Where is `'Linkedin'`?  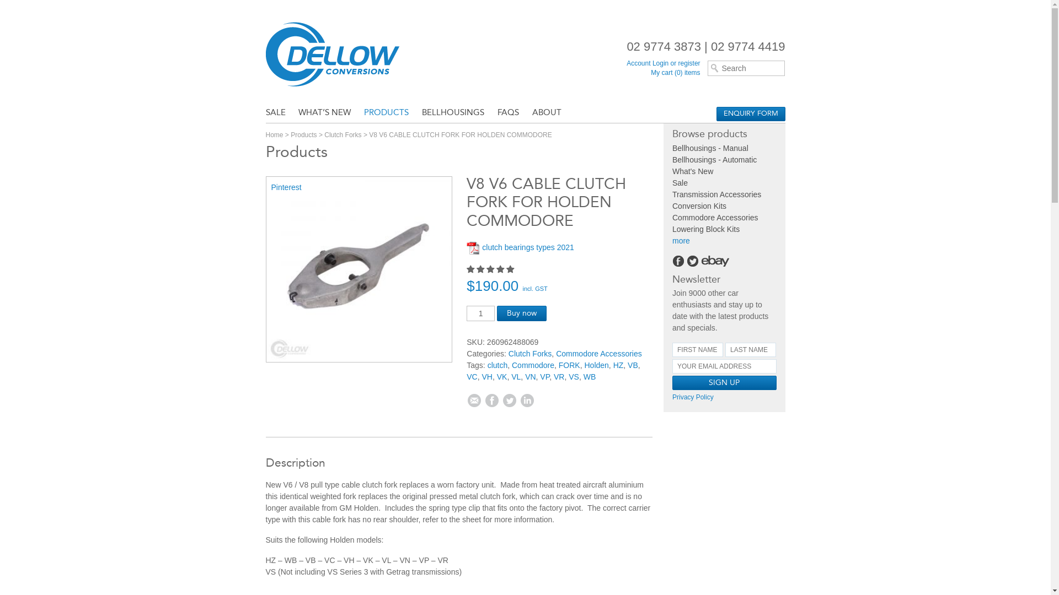
'Linkedin' is located at coordinates (520, 400).